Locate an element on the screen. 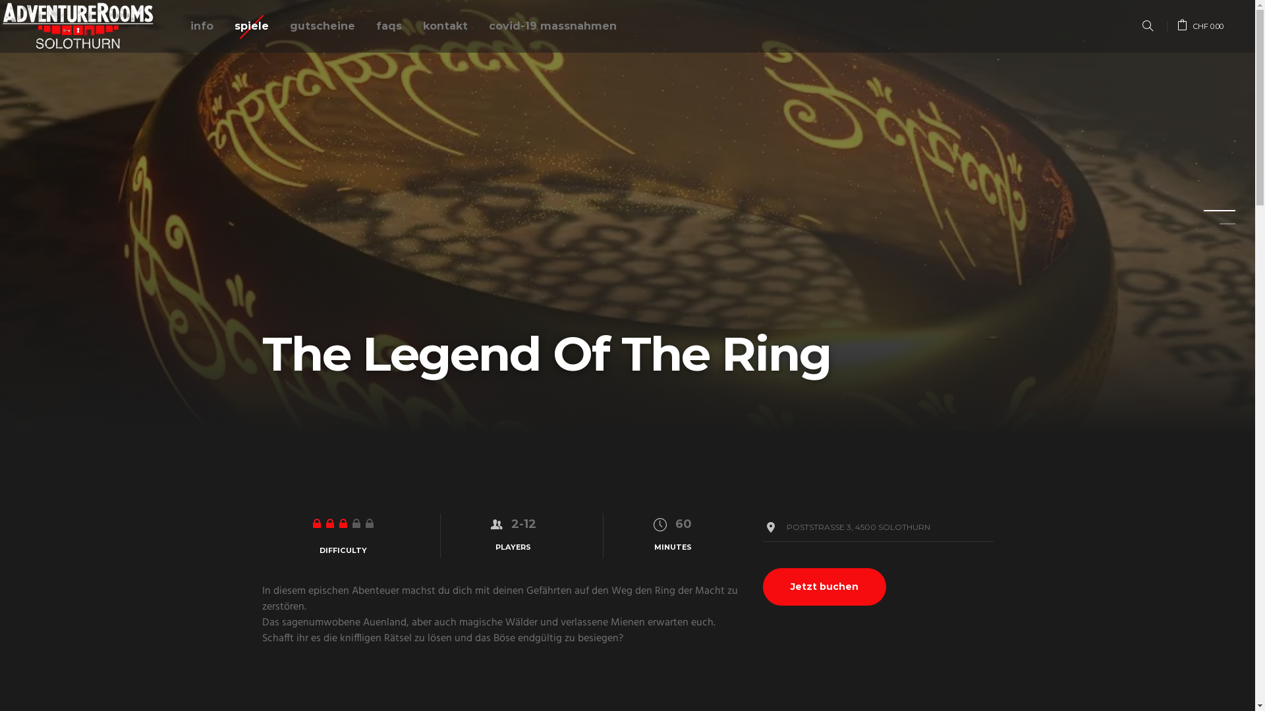 This screenshot has height=711, width=1265. 'faqs' is located at coordinates (370, 26).